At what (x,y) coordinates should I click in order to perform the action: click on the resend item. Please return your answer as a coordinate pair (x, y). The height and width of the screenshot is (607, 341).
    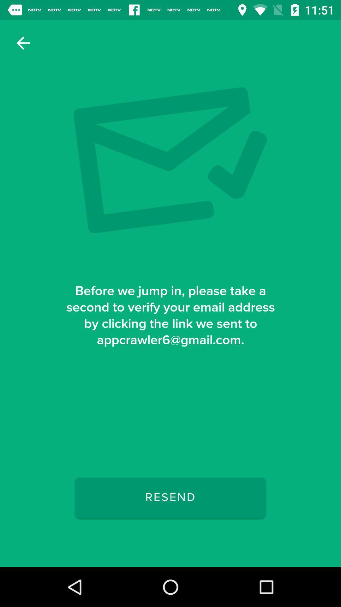
    Looking at the image, I should click on (170, 497).